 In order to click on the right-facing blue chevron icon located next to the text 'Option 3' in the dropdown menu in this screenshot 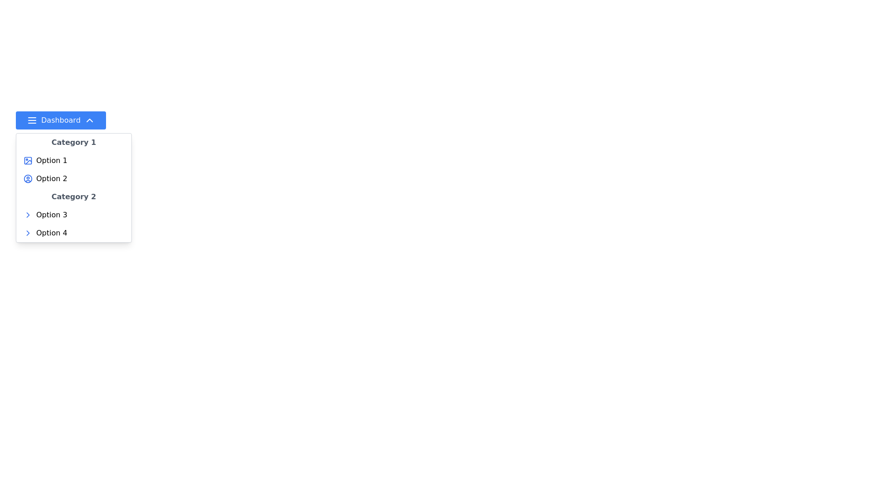, I will do `click(28, 215)`.